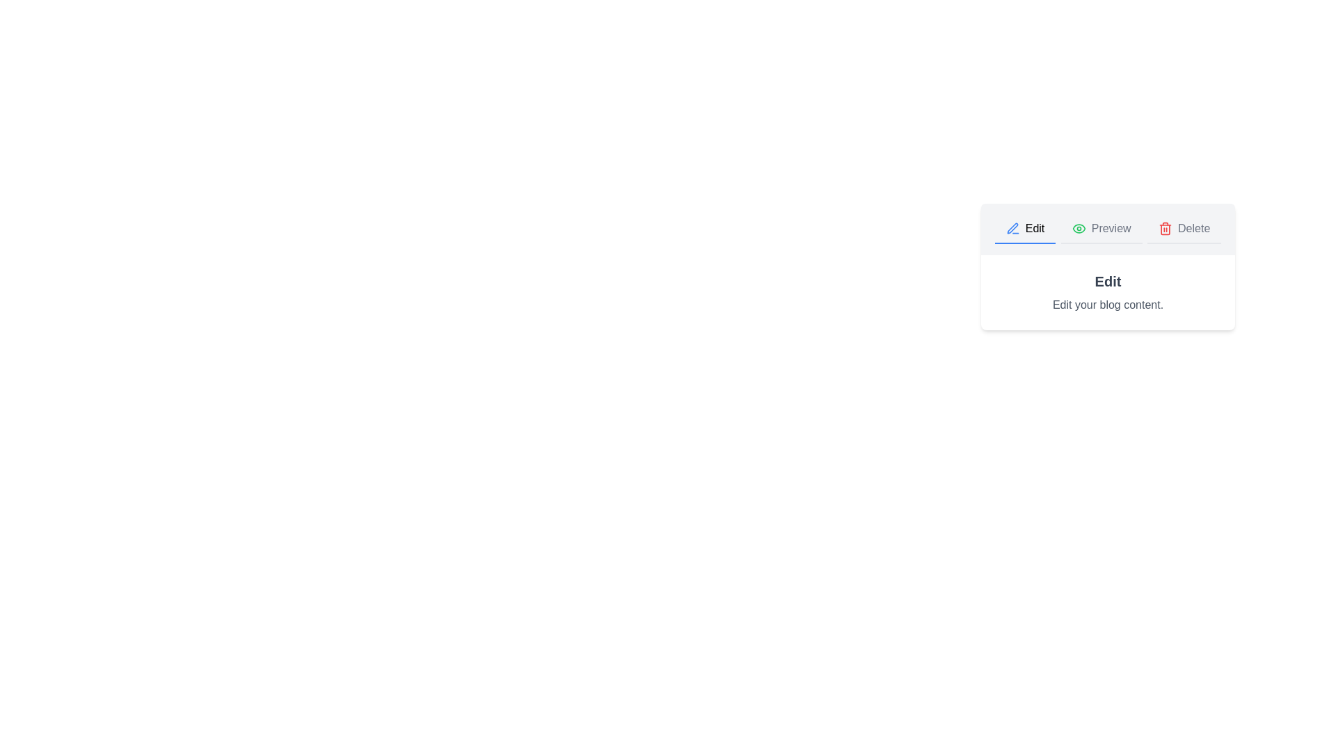 This screenshot has width=1336, height=751. I want to click on the Delete tab to view its content, so click(1184, 229).